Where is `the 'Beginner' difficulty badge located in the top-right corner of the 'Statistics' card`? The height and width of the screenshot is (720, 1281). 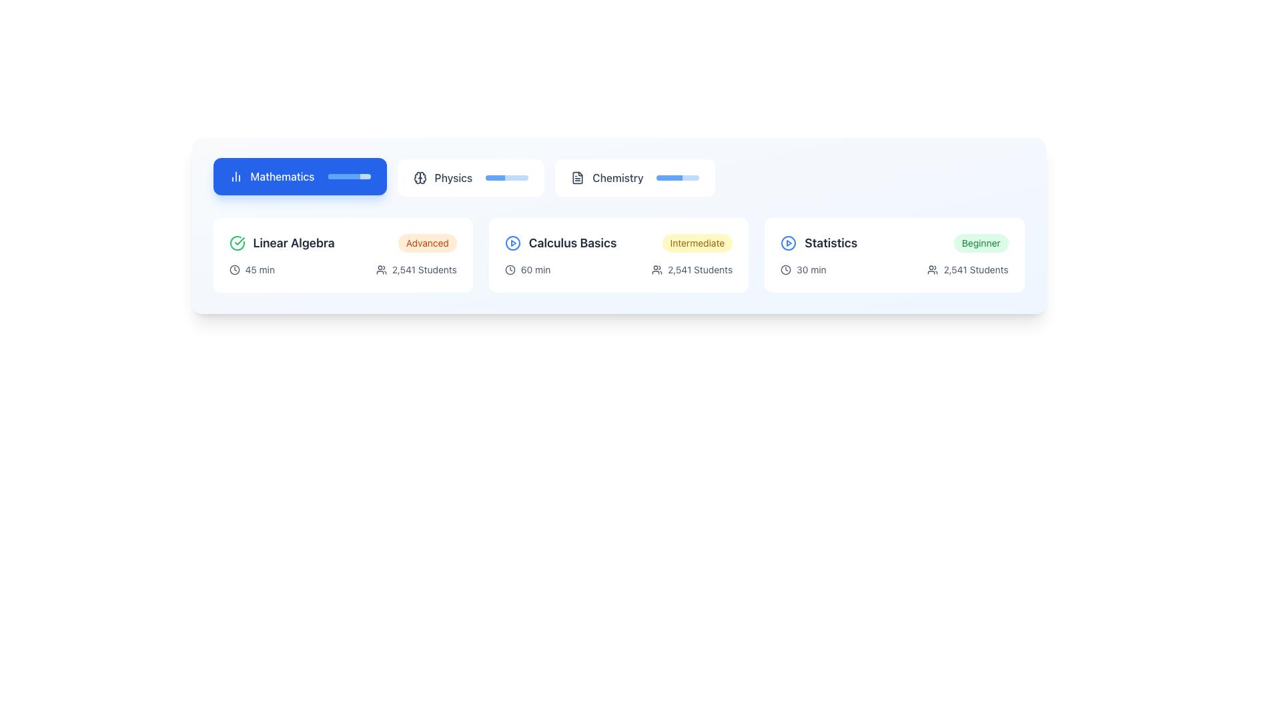 the 'Beginner' difficulty badge located in the top-right corner of the 'Statistics' card is located at coordinates (981, 243).